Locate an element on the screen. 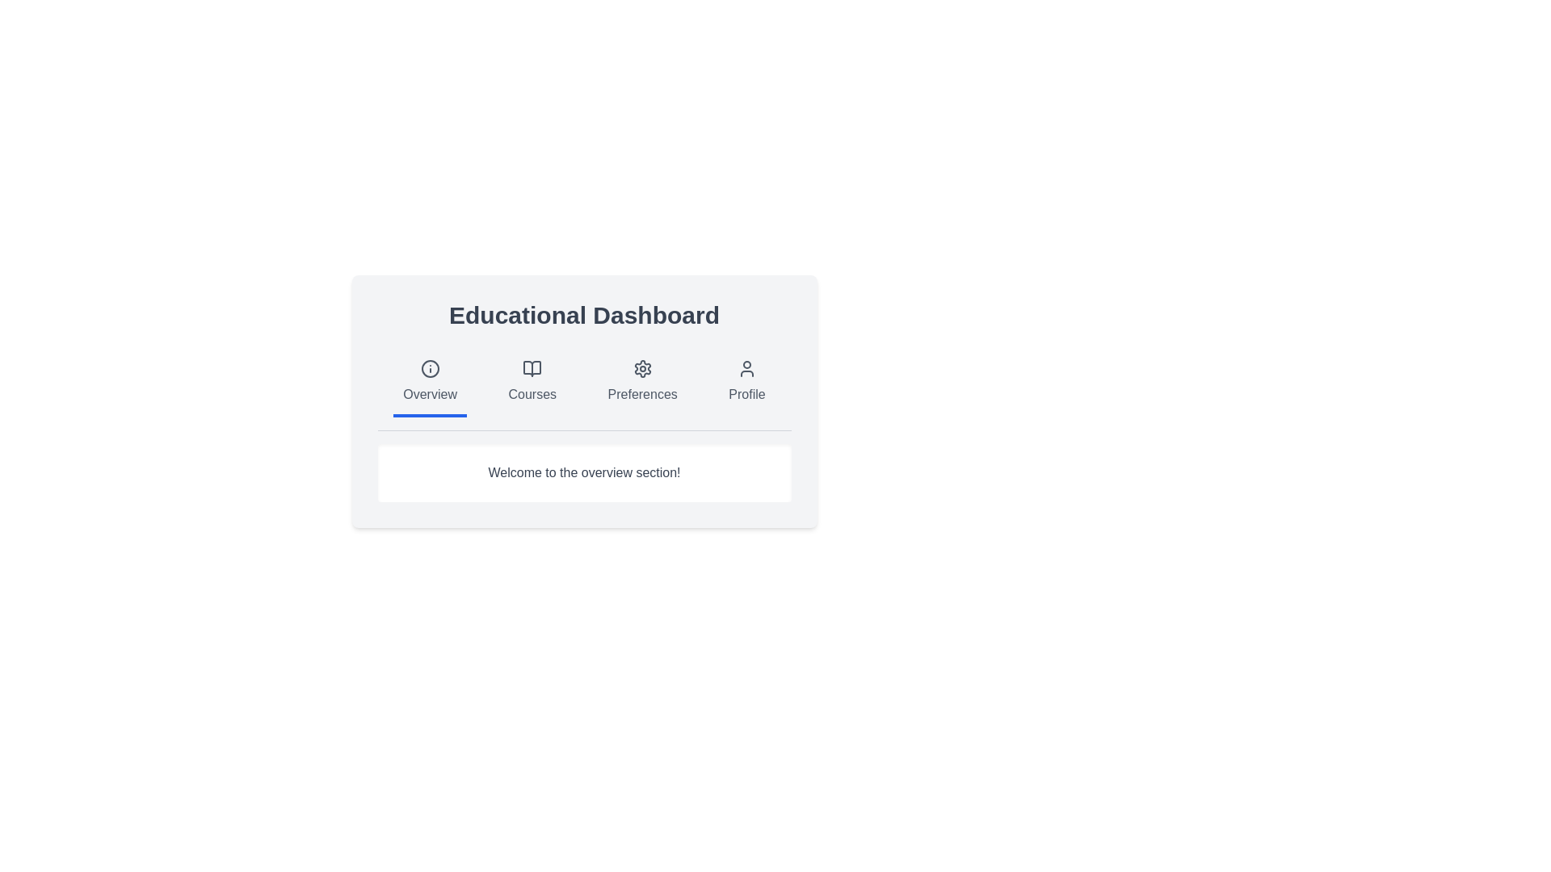 The height and width of the screenshot is (872, 1551). the navigation bar located at the top of the 'Educational Dashboard' interface is located at coordinates (583, 390).